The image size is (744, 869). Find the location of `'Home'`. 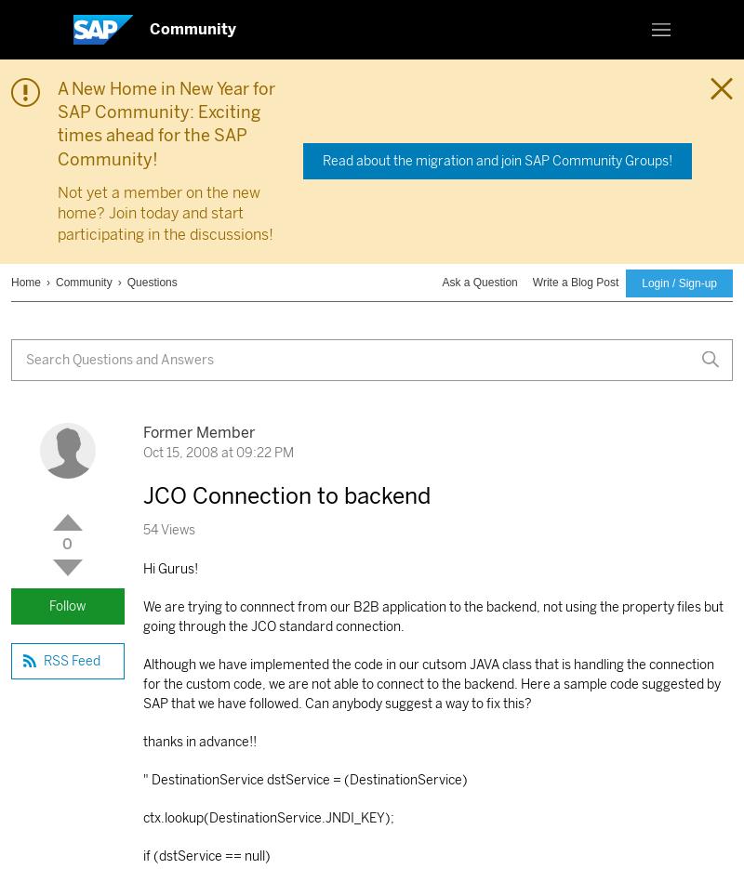

'Home' is located at coordinates (26, 282).